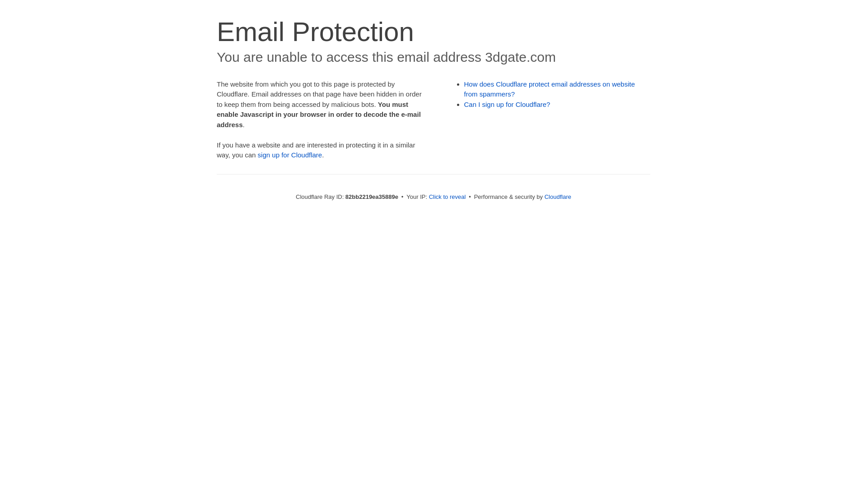  Describe the element at coordinates (429, 196) in the screenshot. I see `'Click to reveal'` at that location.